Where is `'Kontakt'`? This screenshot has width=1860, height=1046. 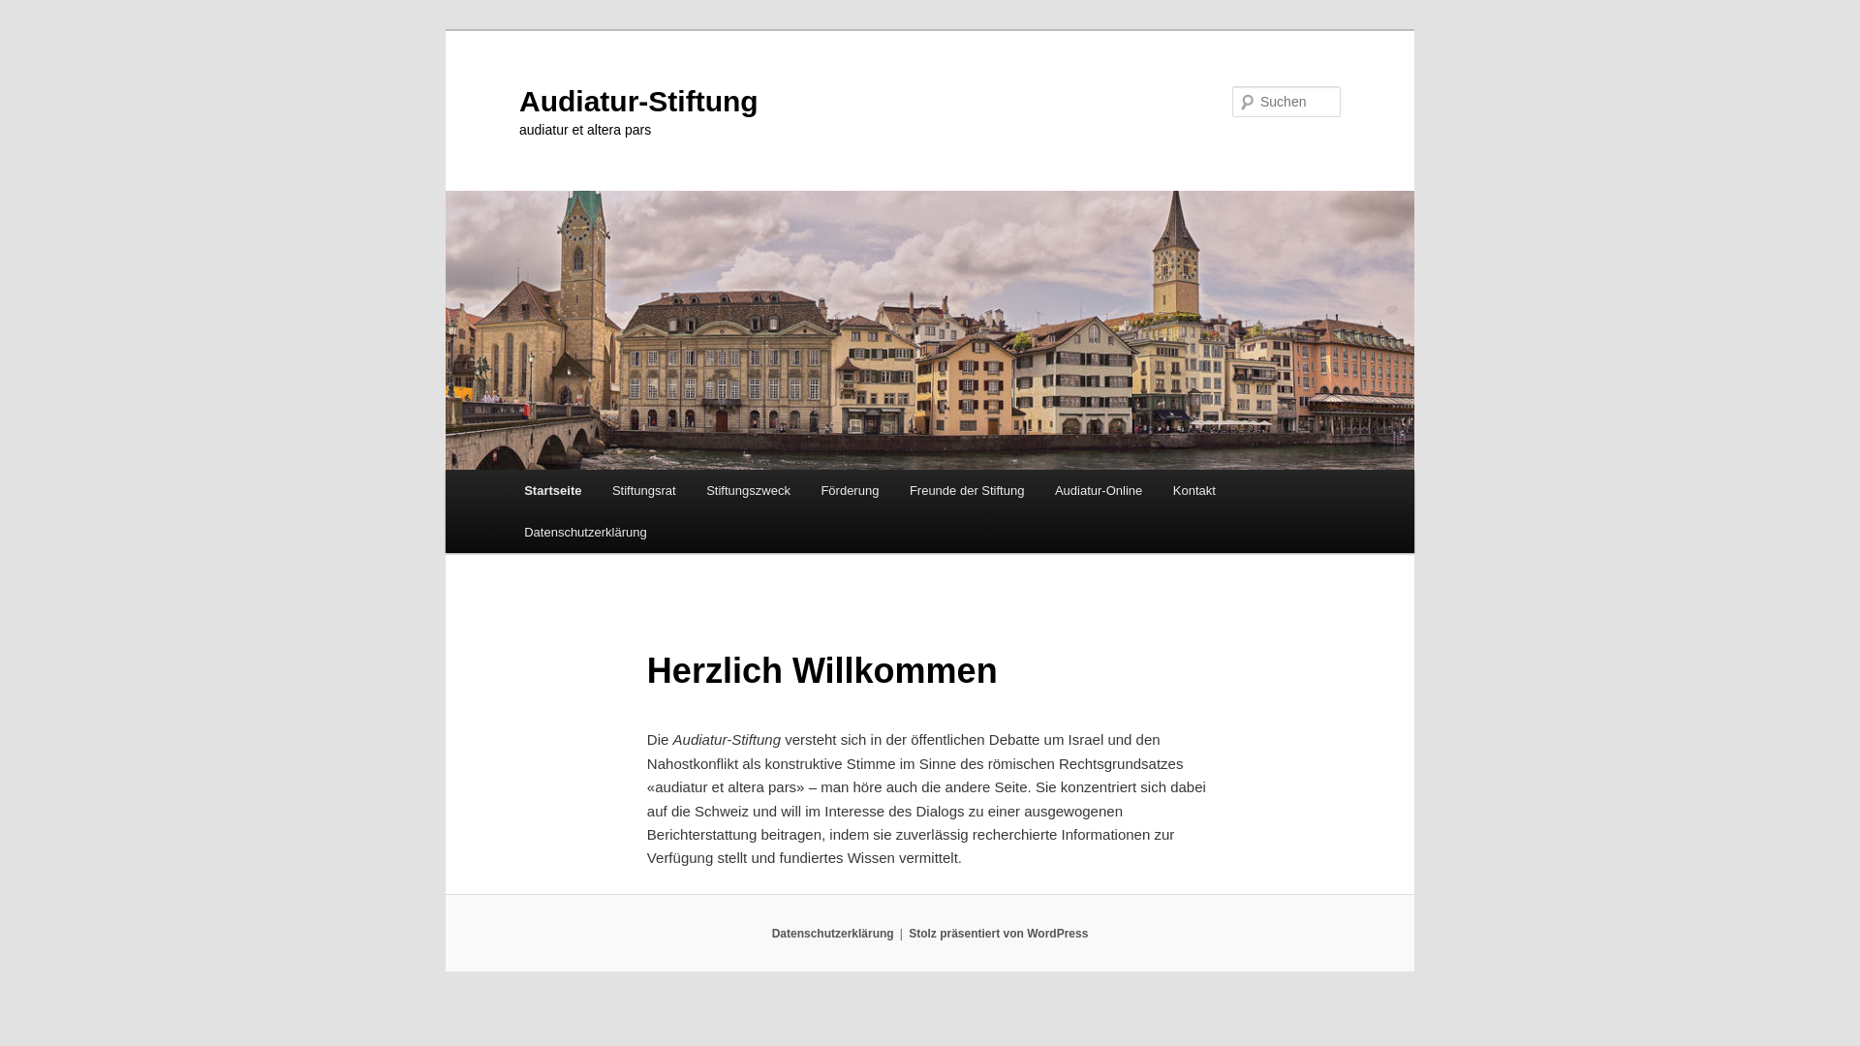 'Kontakt' is located at coordinates (1158, 489).